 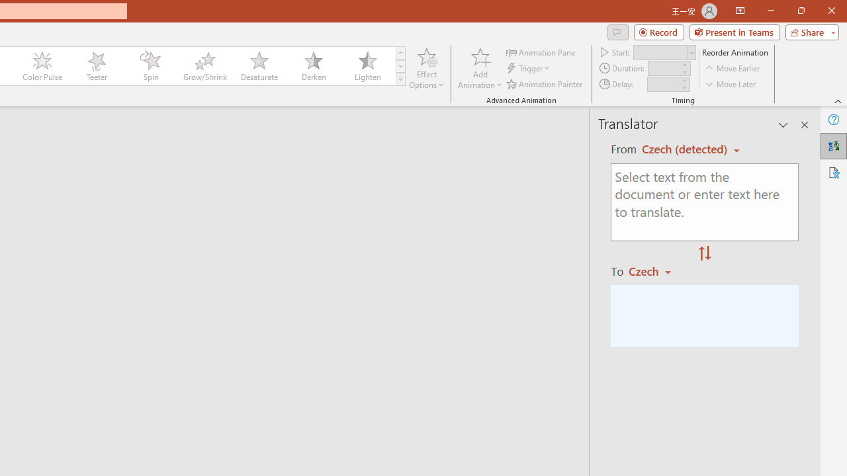 I want to click on 'Task Pane Options', so click(x=783, y=125).